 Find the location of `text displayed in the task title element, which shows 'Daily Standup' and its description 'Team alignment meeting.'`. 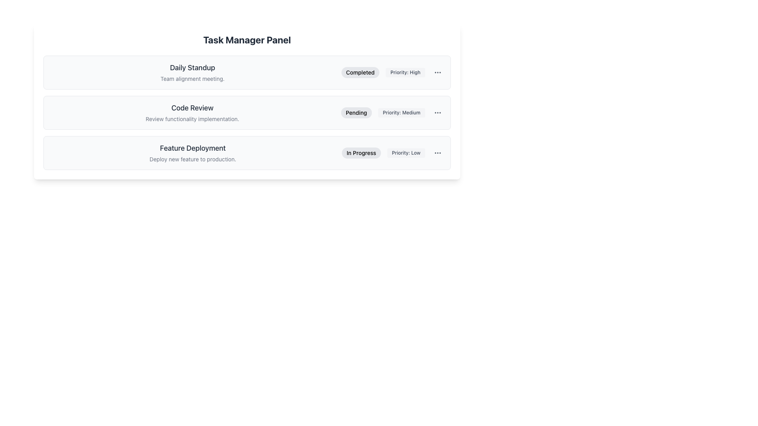

text displayed in the task title element, which shows 'Daily Standup' and its description 'Team alignment meeting.' is located at coordinates (192, 73).